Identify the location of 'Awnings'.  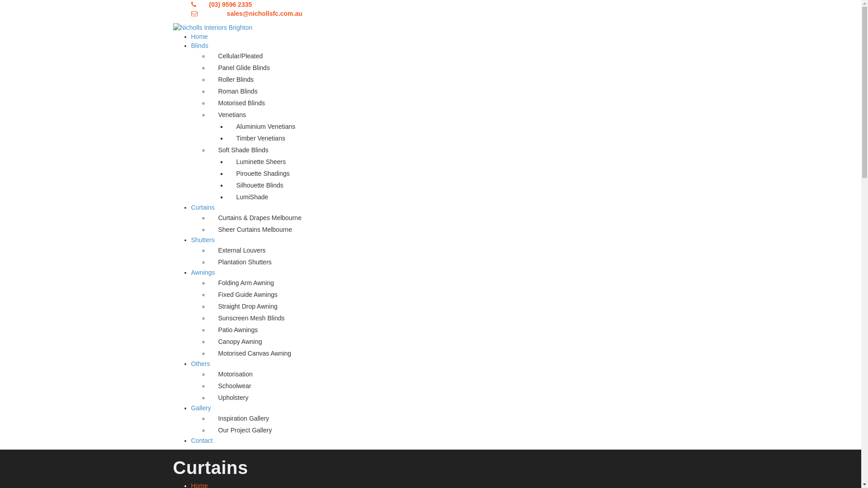
(202, 272).